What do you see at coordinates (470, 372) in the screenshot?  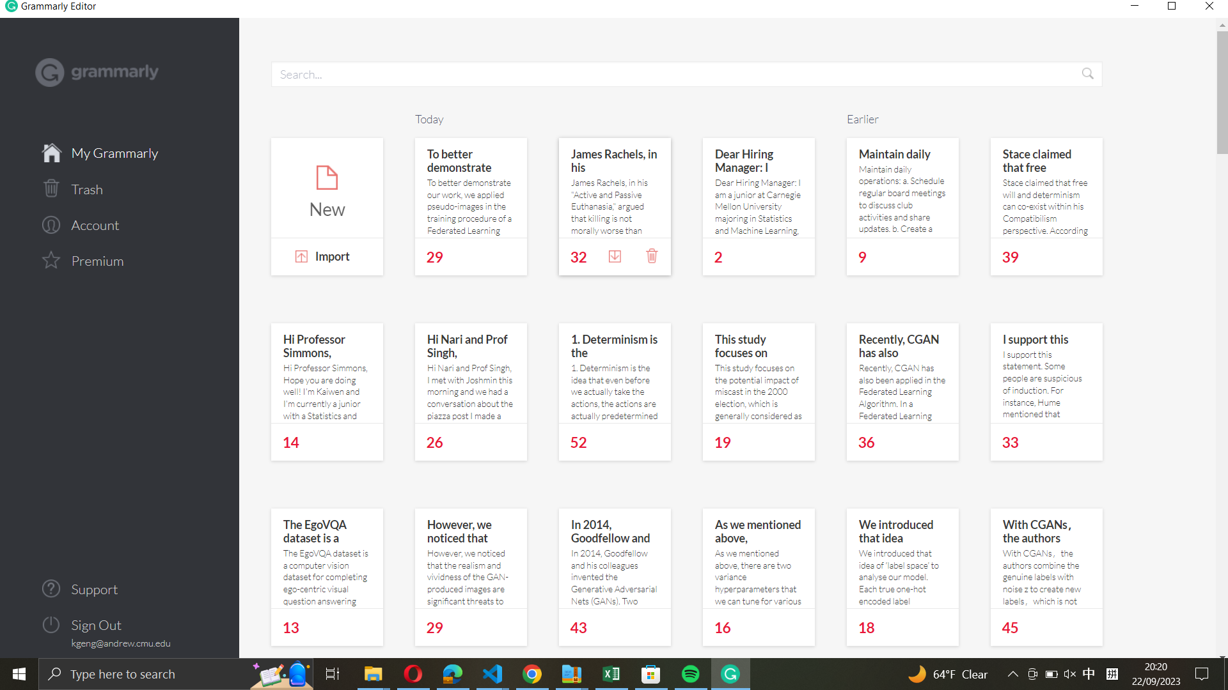 I see `Add a note for Nari Prof Singh` at bounding box center [470, 372].